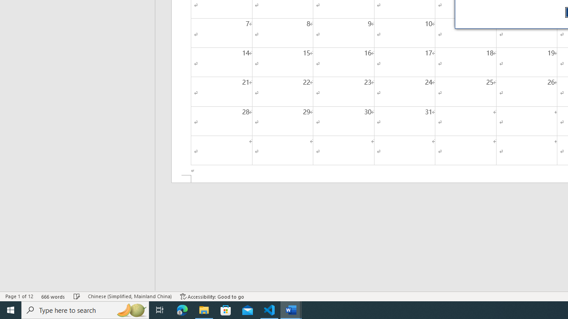  I want to click on 'Language Chinese (Simplified, Mainland China)', so click(129, 296).